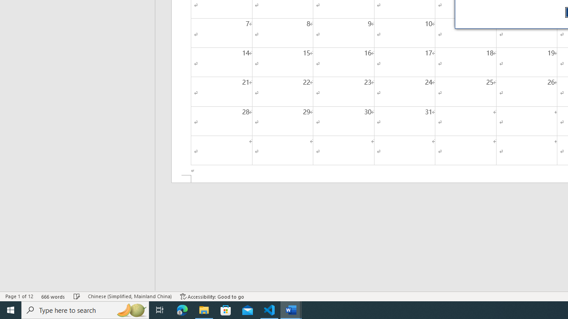  I want to click on 'Language Chinese (Simplified, Mainland China)', so click(129, 296).